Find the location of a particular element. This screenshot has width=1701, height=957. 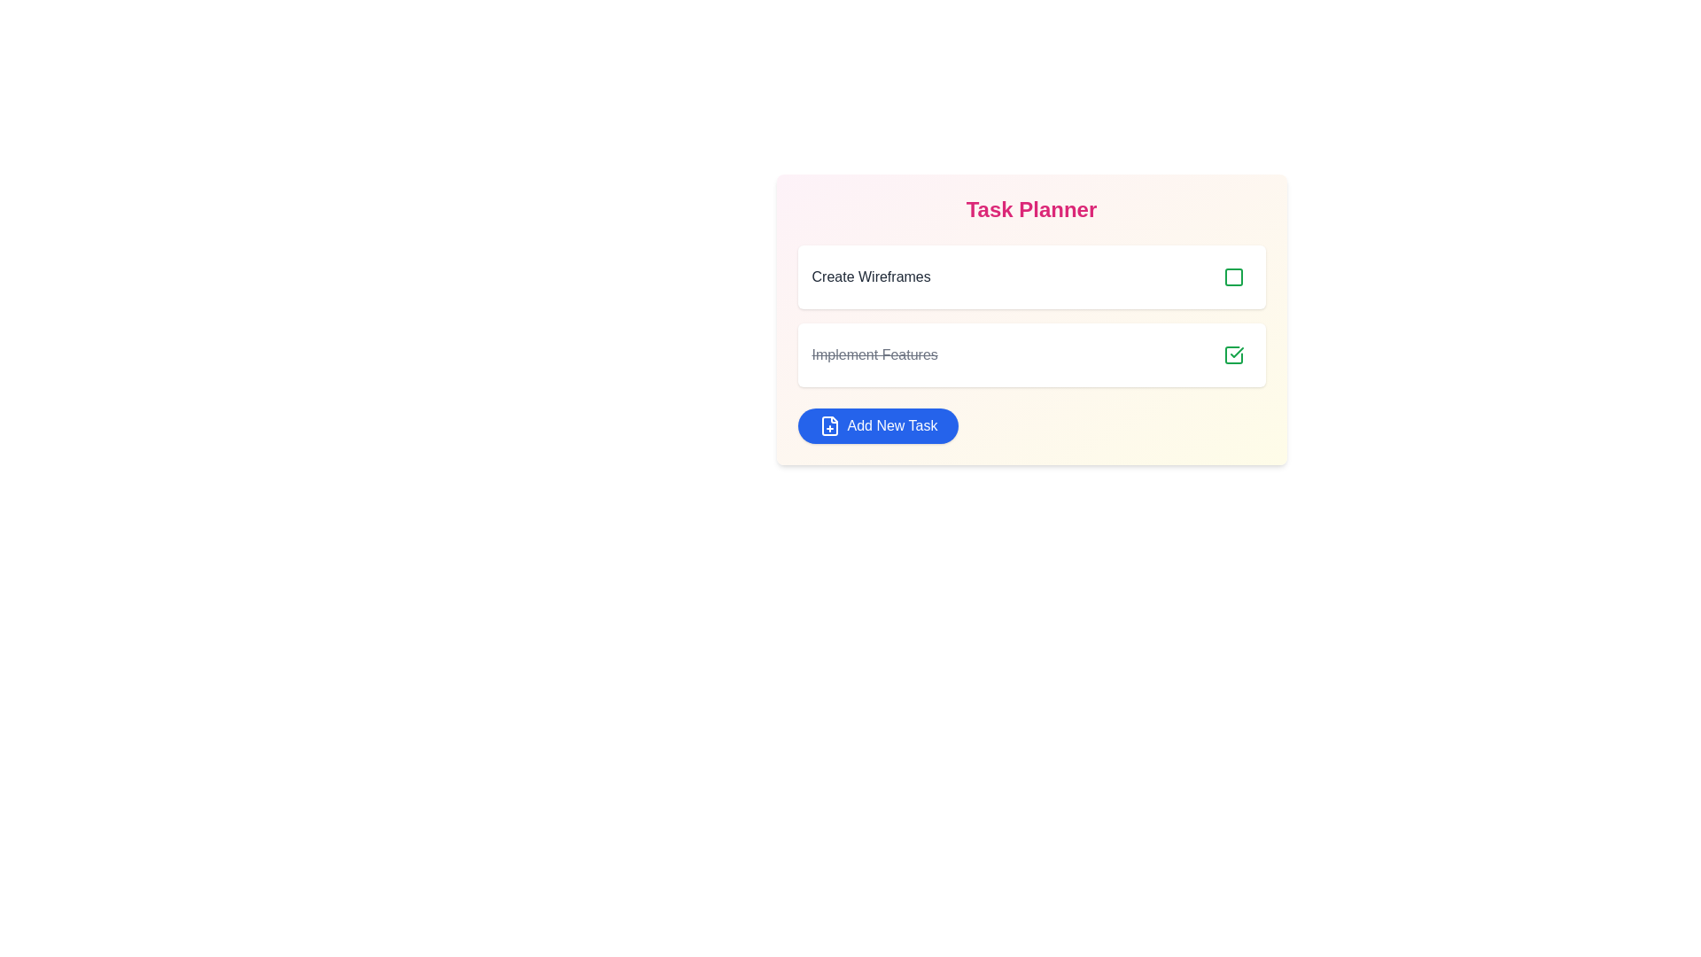

the green checkmark checkbox element located at the far right of the 'Implement Features' task row is located at coordinates (1232, 355).